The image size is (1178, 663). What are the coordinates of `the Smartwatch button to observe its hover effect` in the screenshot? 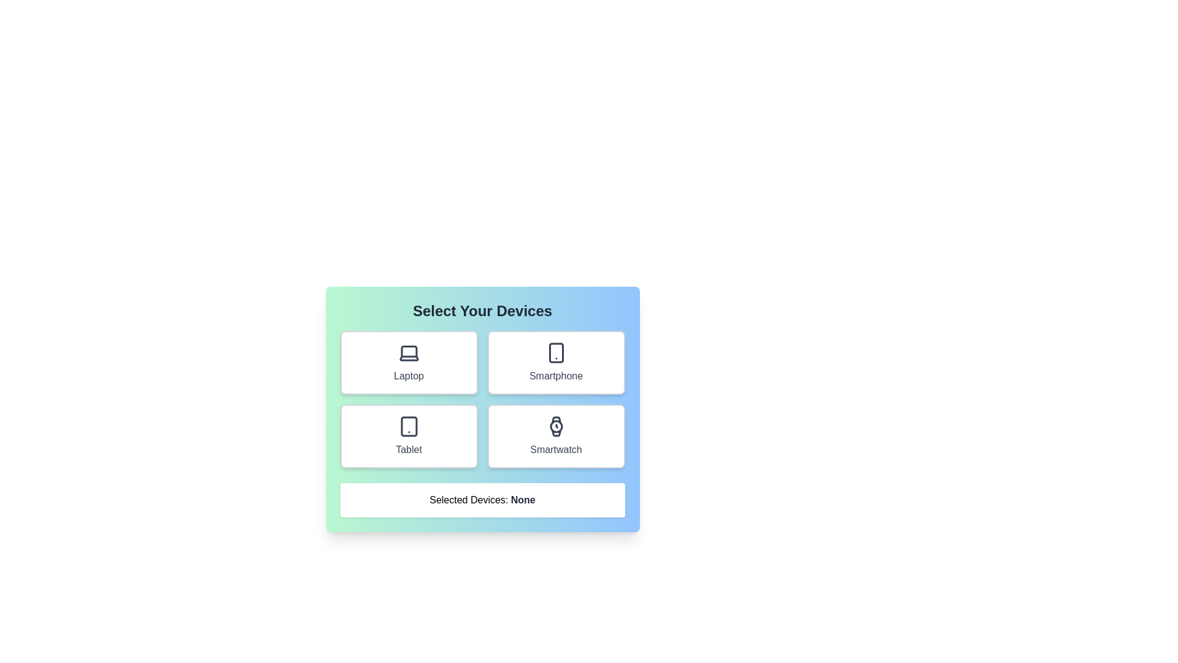 It's located at (555, 435).